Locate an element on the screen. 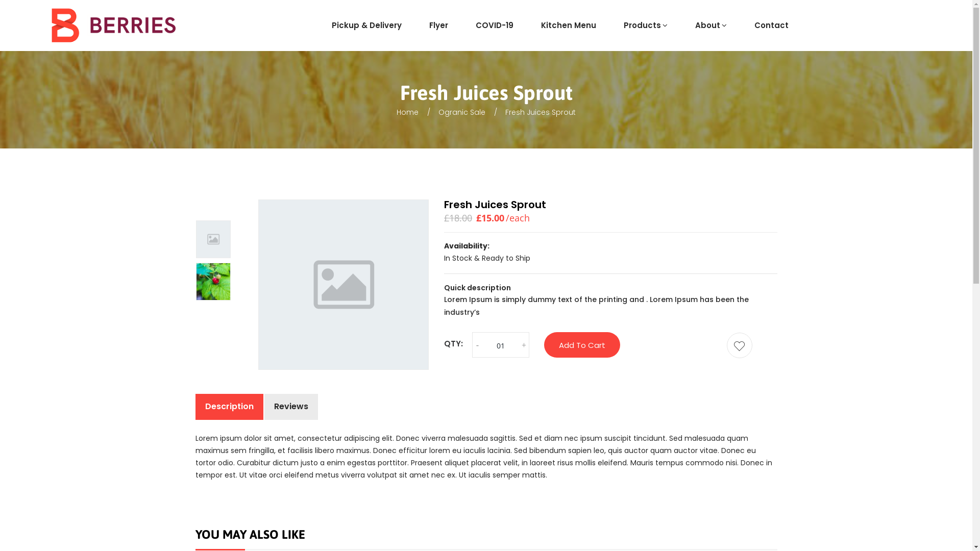 This screenshot has width=980, height=551. 'COVID-19' is located at coordinates (495, 25).